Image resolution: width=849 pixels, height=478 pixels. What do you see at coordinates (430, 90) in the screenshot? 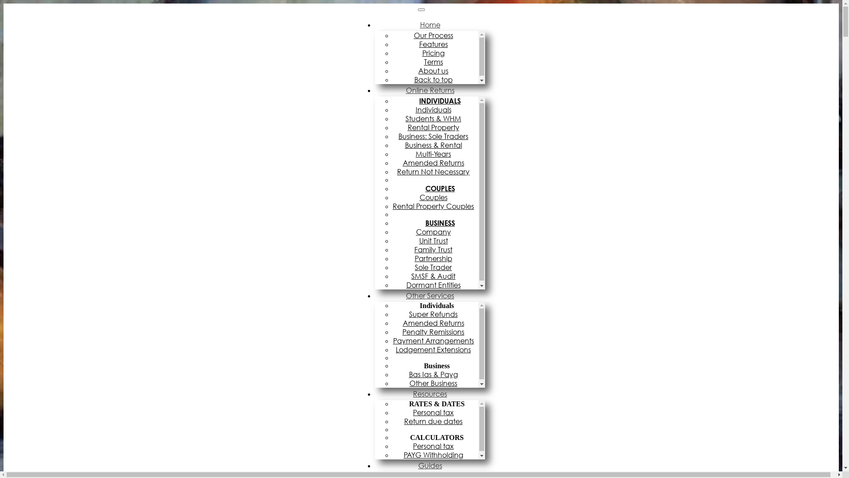
I see `'Online Returns'` at bounding box center [430, 90].